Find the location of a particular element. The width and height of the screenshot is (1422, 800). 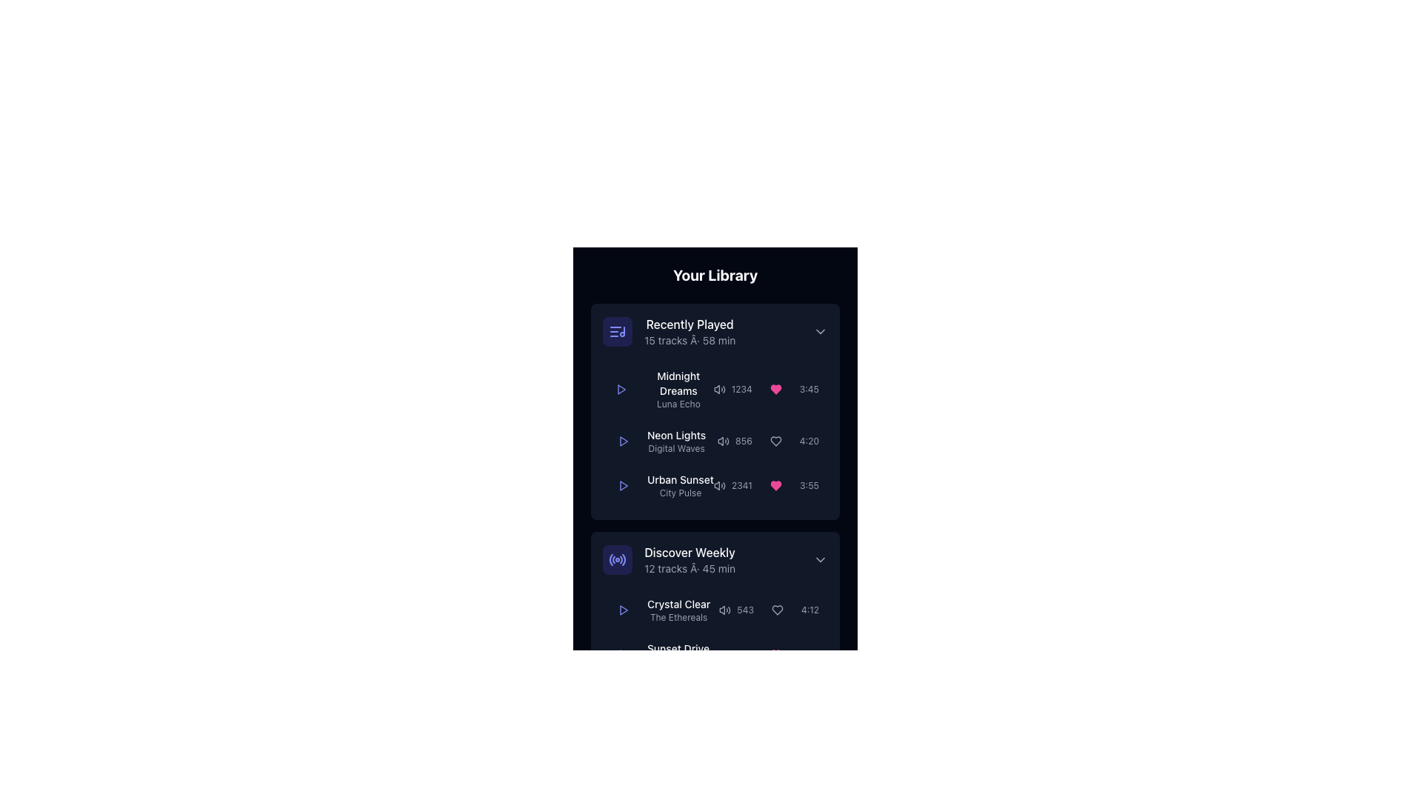

the small triangular icon indicative of a speaker or sound system design located near the song 'Urban Sunset' under 'Recently Played' is located at coordinates (717, 485).